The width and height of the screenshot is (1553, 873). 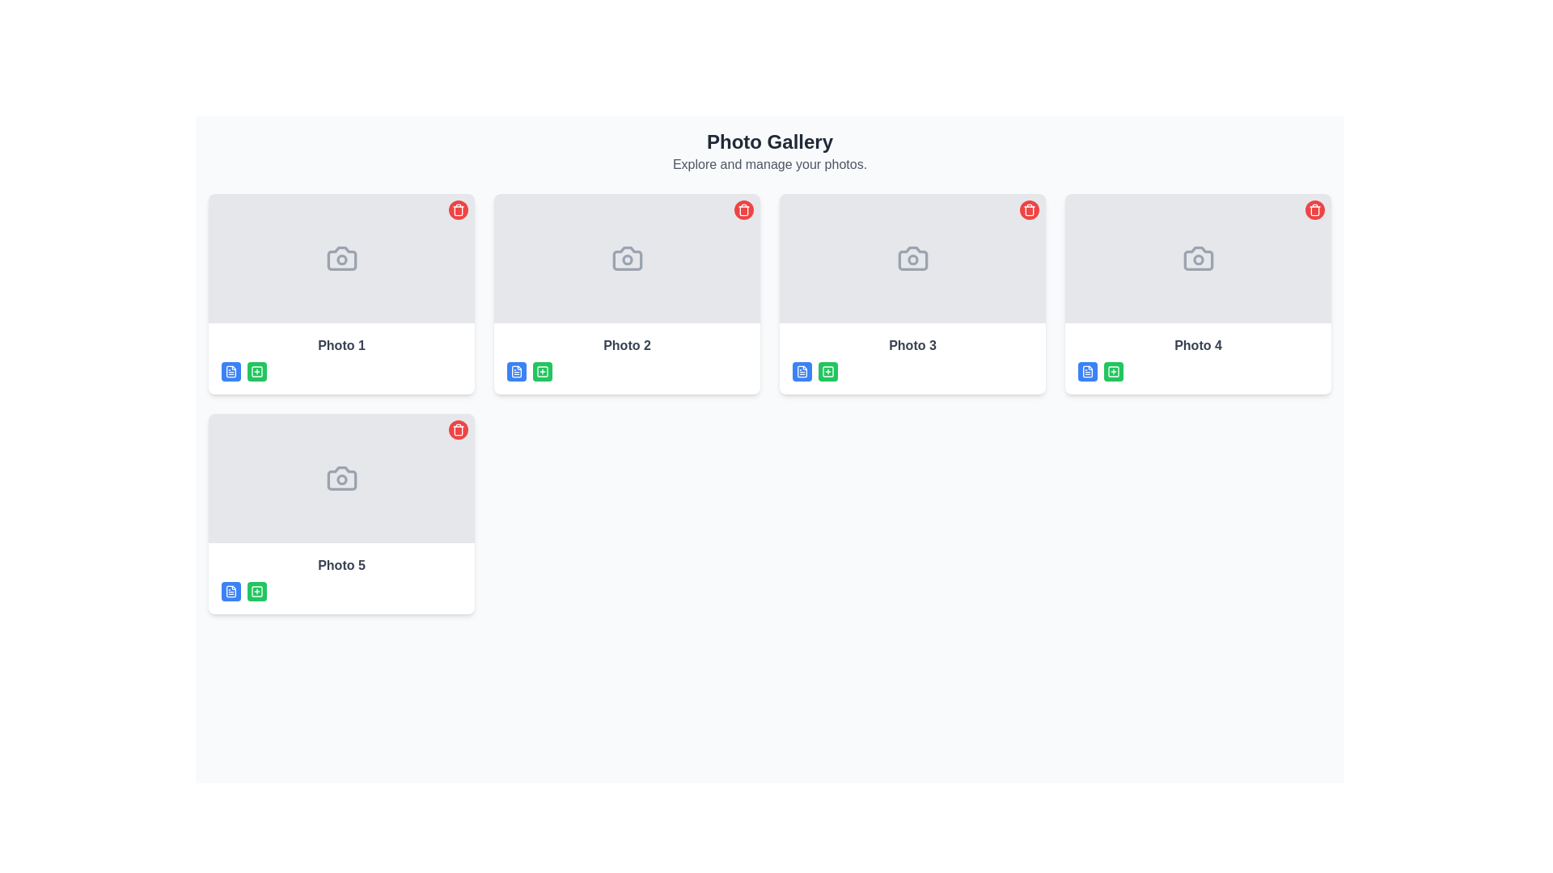 What do you see at coordinates (231, 371) in the screenshot?
I see `the blue button with white text and a document icon, located under 'Photo 1'` at bounding box center [231, 371].